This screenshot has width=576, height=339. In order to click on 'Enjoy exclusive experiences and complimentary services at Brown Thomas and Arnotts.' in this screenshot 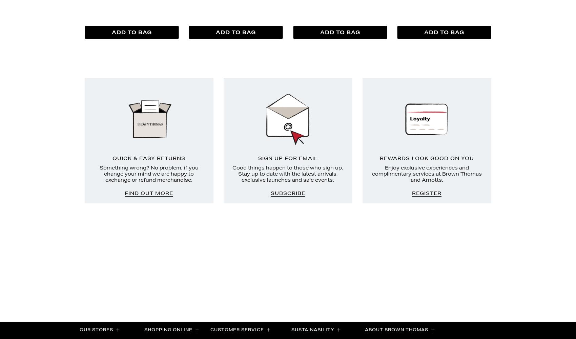, I will do `click(426, 174)`.